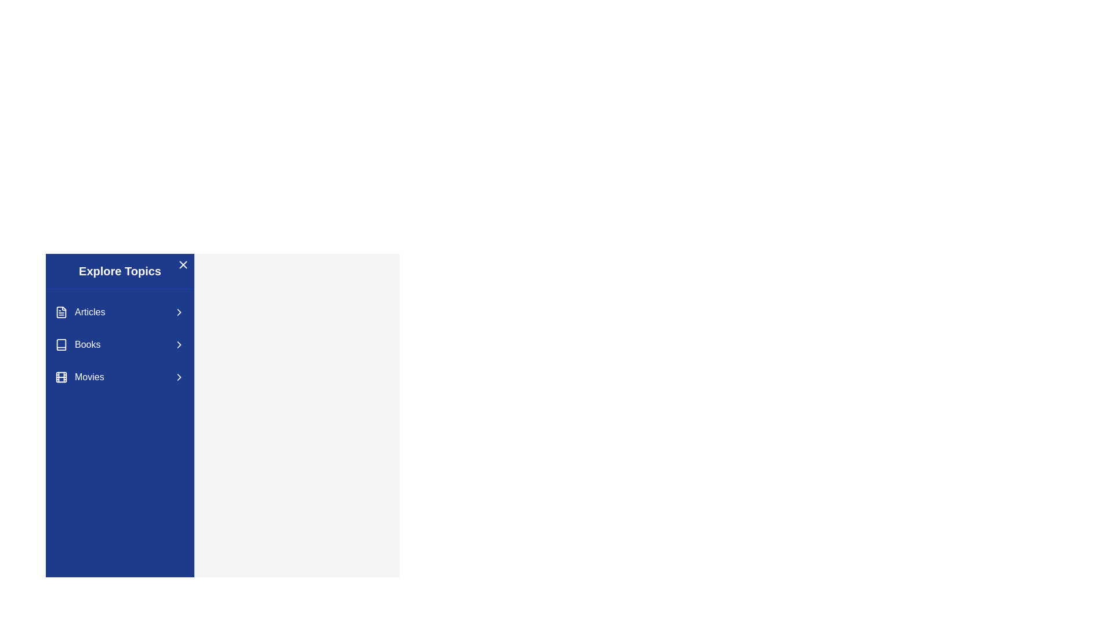  I want to click on the 'Books' button in the 'Explore Topics' sidebar, so click(120, 344).